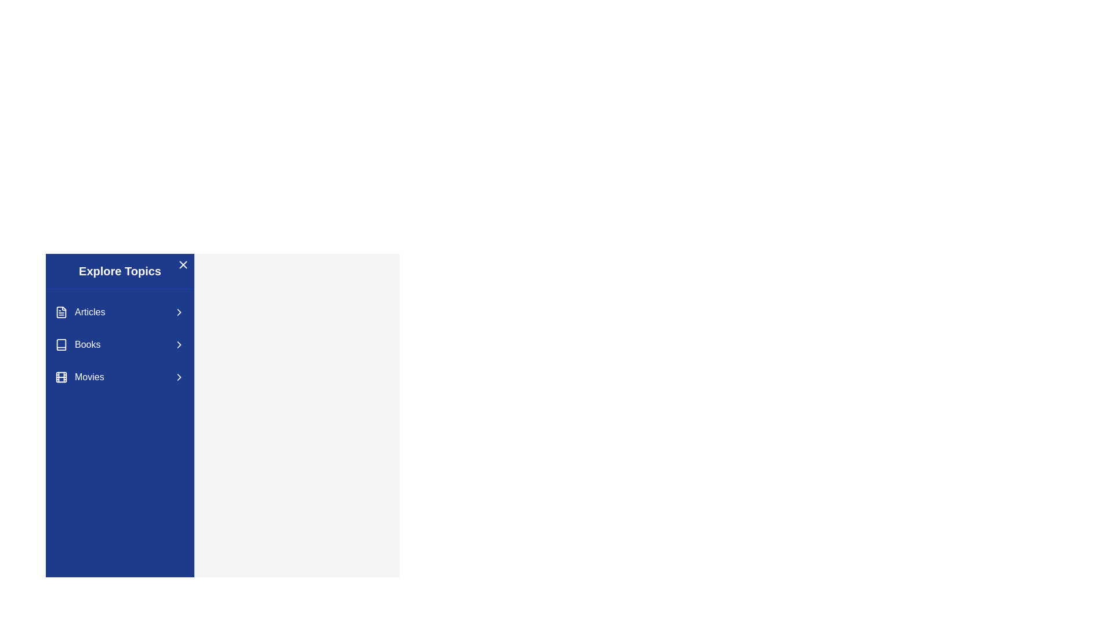  I want to click on the 'Books' button in the 'Explore Topics' sidebar, so click(120, 344).